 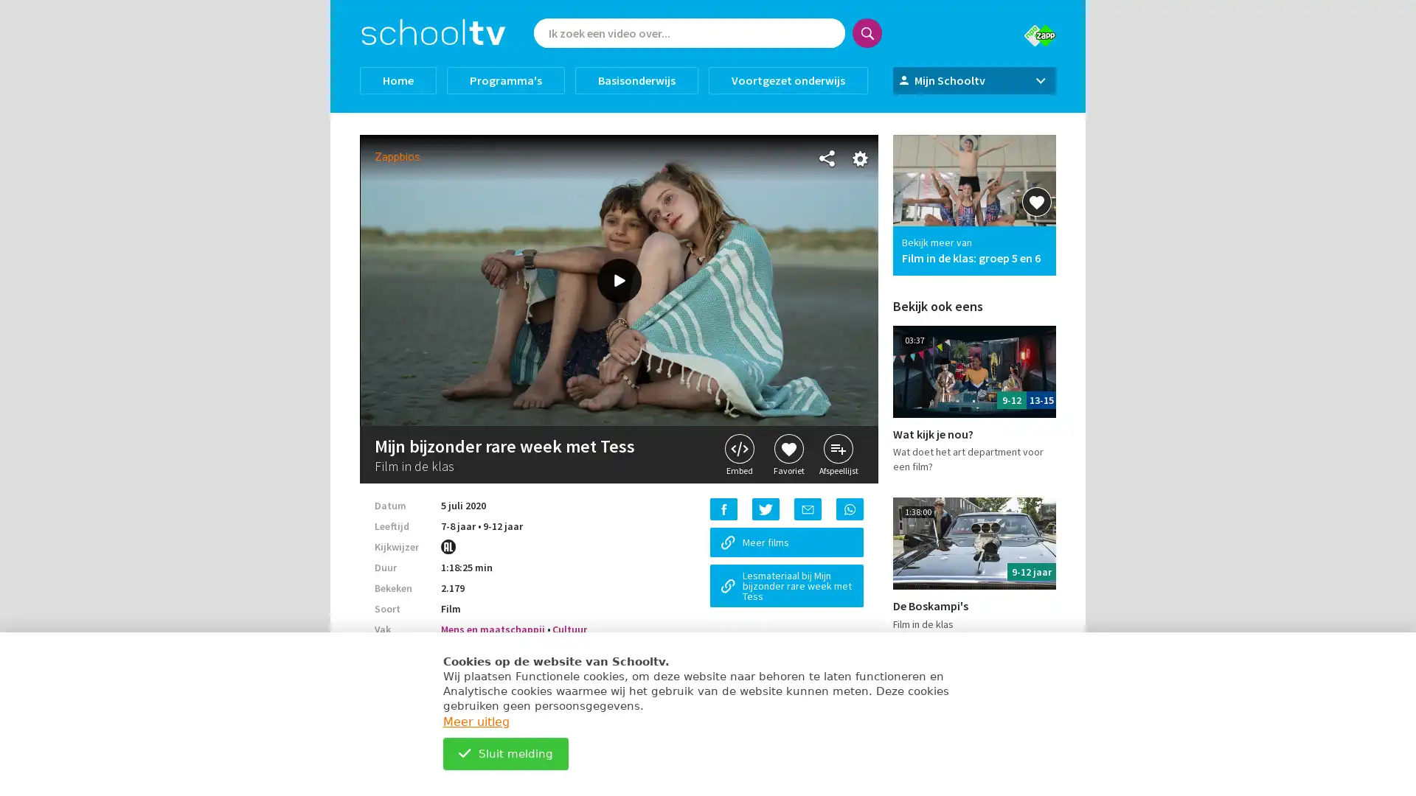 I want to click on Afspeellijst, so click(x=839, y=454).